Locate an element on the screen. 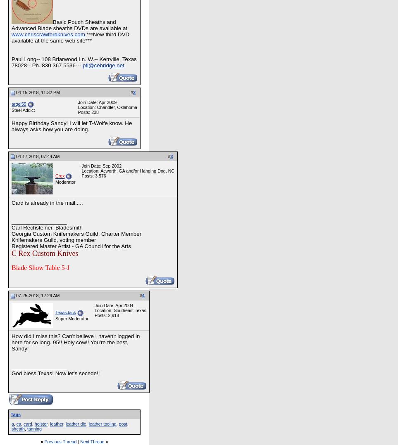 The height and width of the screenshot is (445, 398). 'Previous Thread' is located at coordinates (60, 442).